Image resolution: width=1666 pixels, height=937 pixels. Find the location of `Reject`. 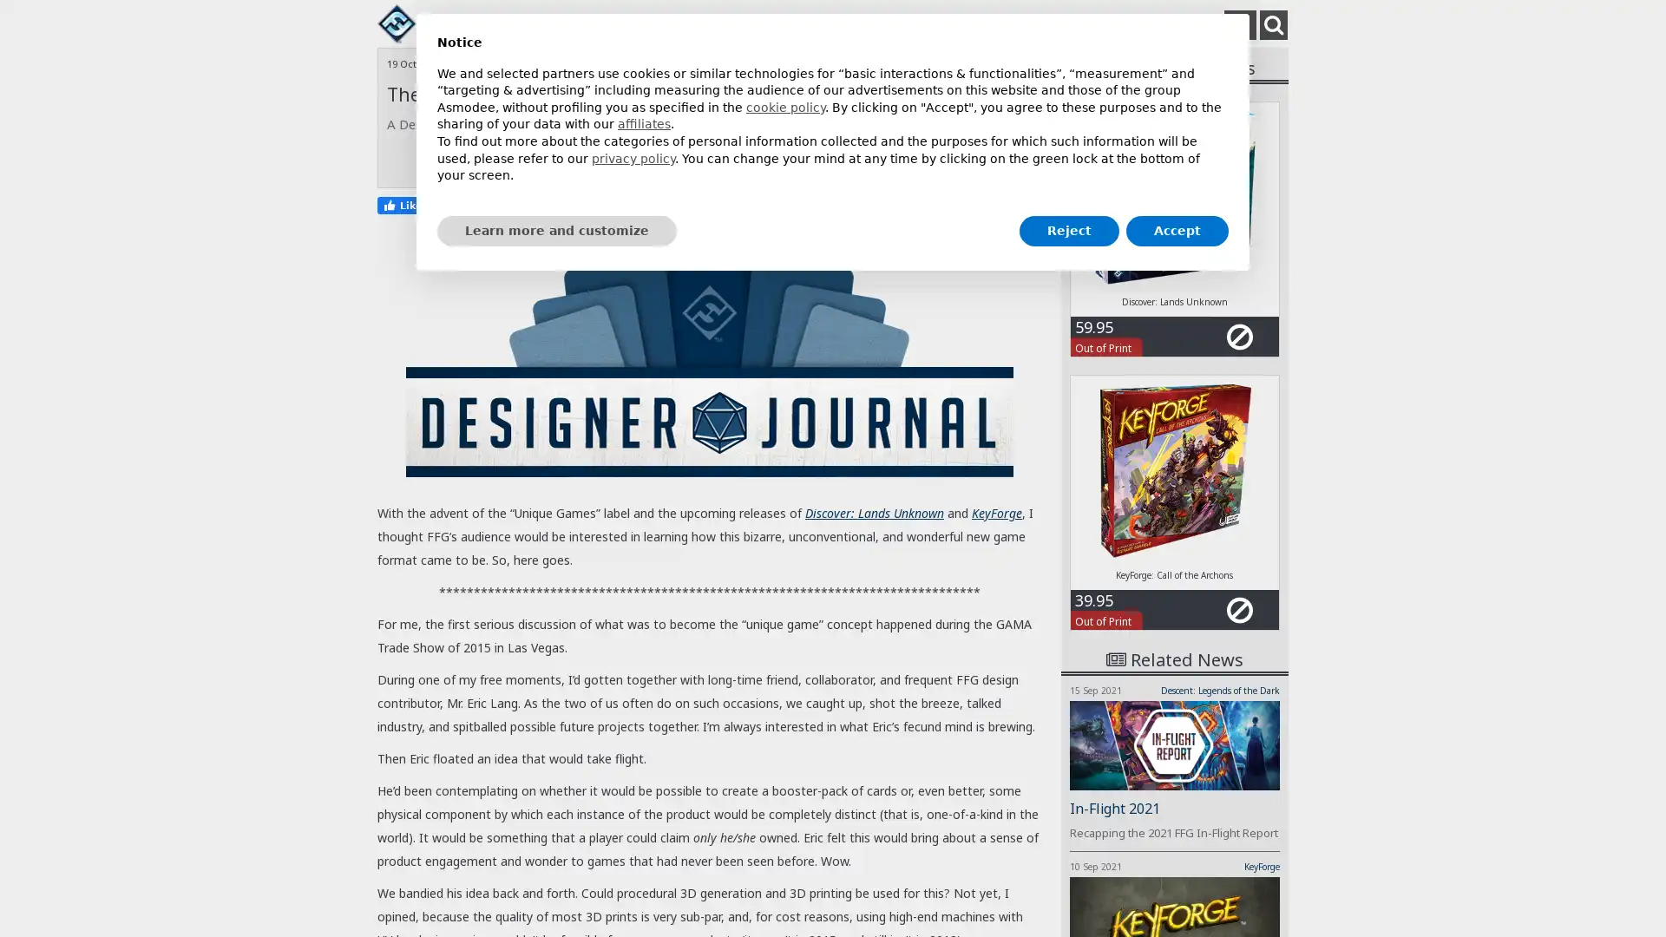

Reject is located at coordinates (1068, 230).